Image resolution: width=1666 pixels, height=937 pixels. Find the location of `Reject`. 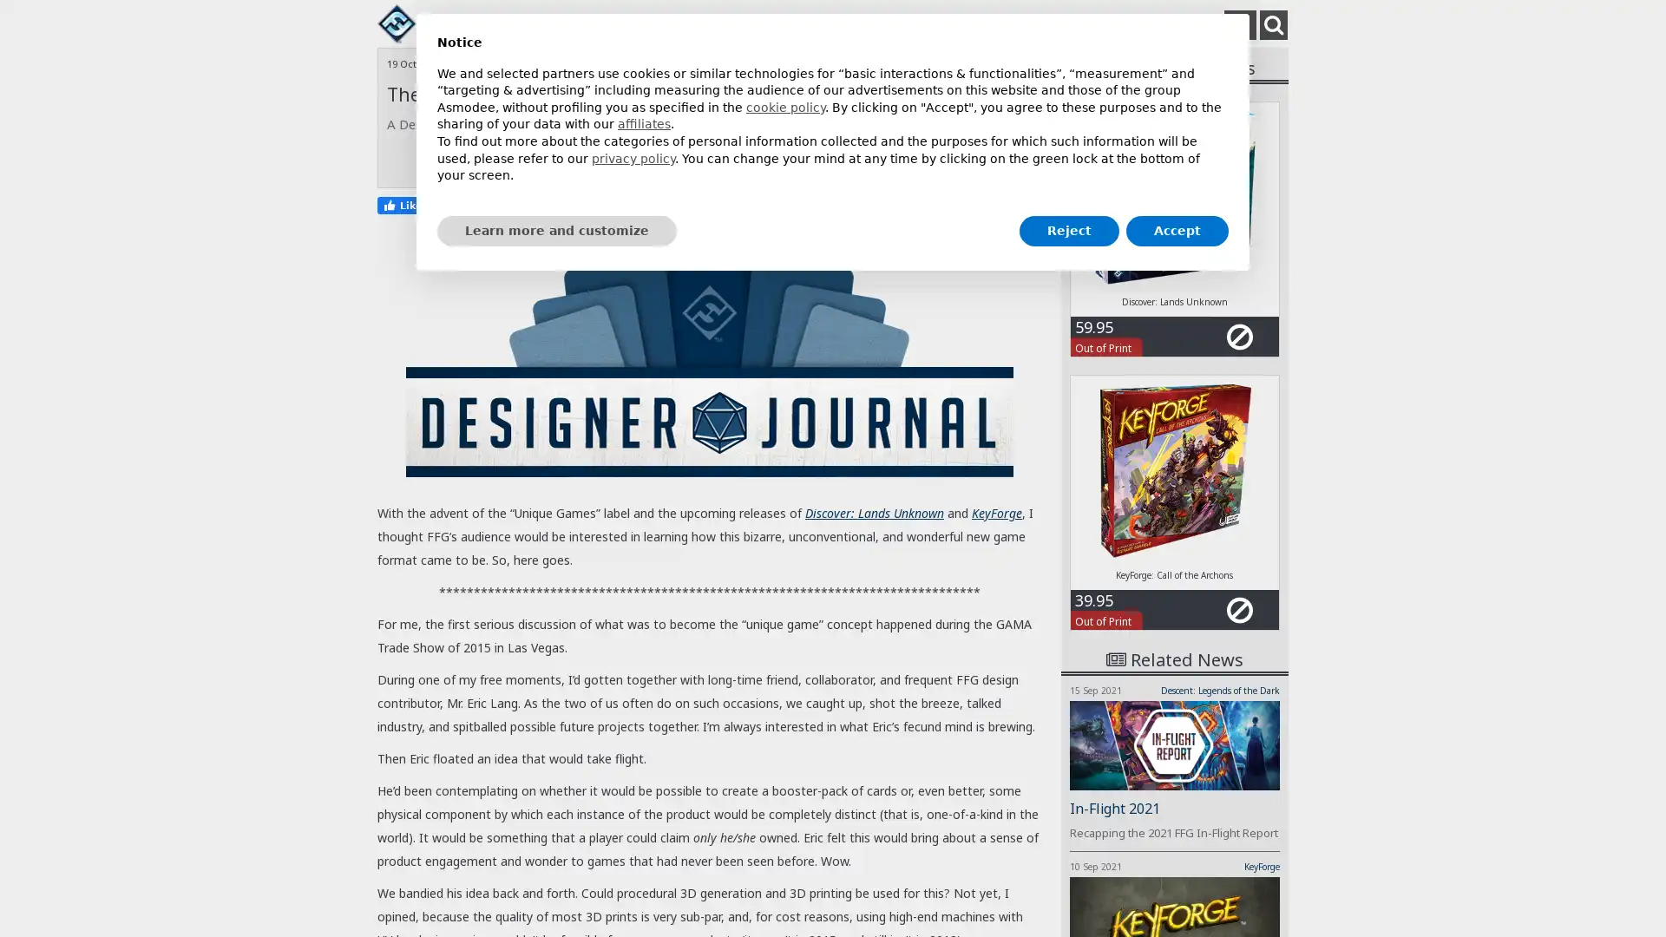

Reject is located at coordinates (1068, 230).